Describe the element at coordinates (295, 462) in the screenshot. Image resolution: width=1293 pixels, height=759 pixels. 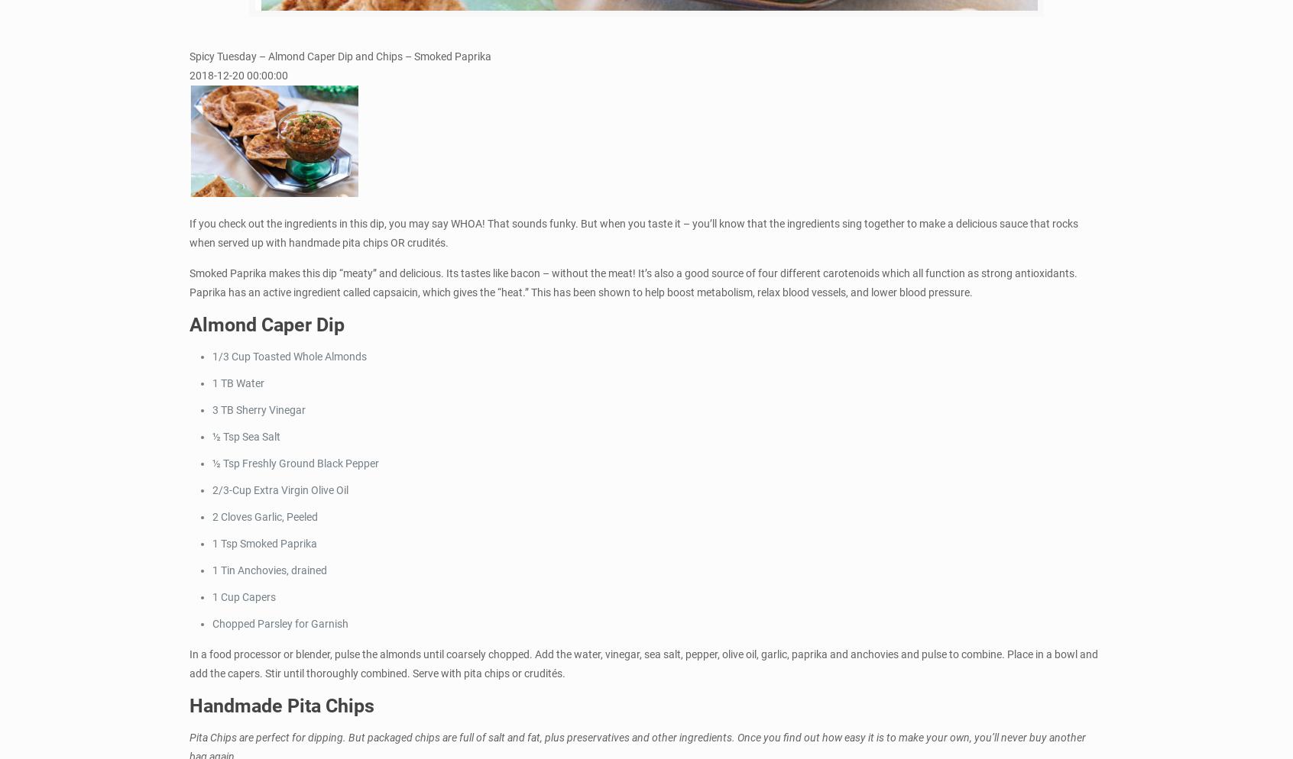
I see `'½ Tsp Freshly Ground Black Pepper'` at that location.